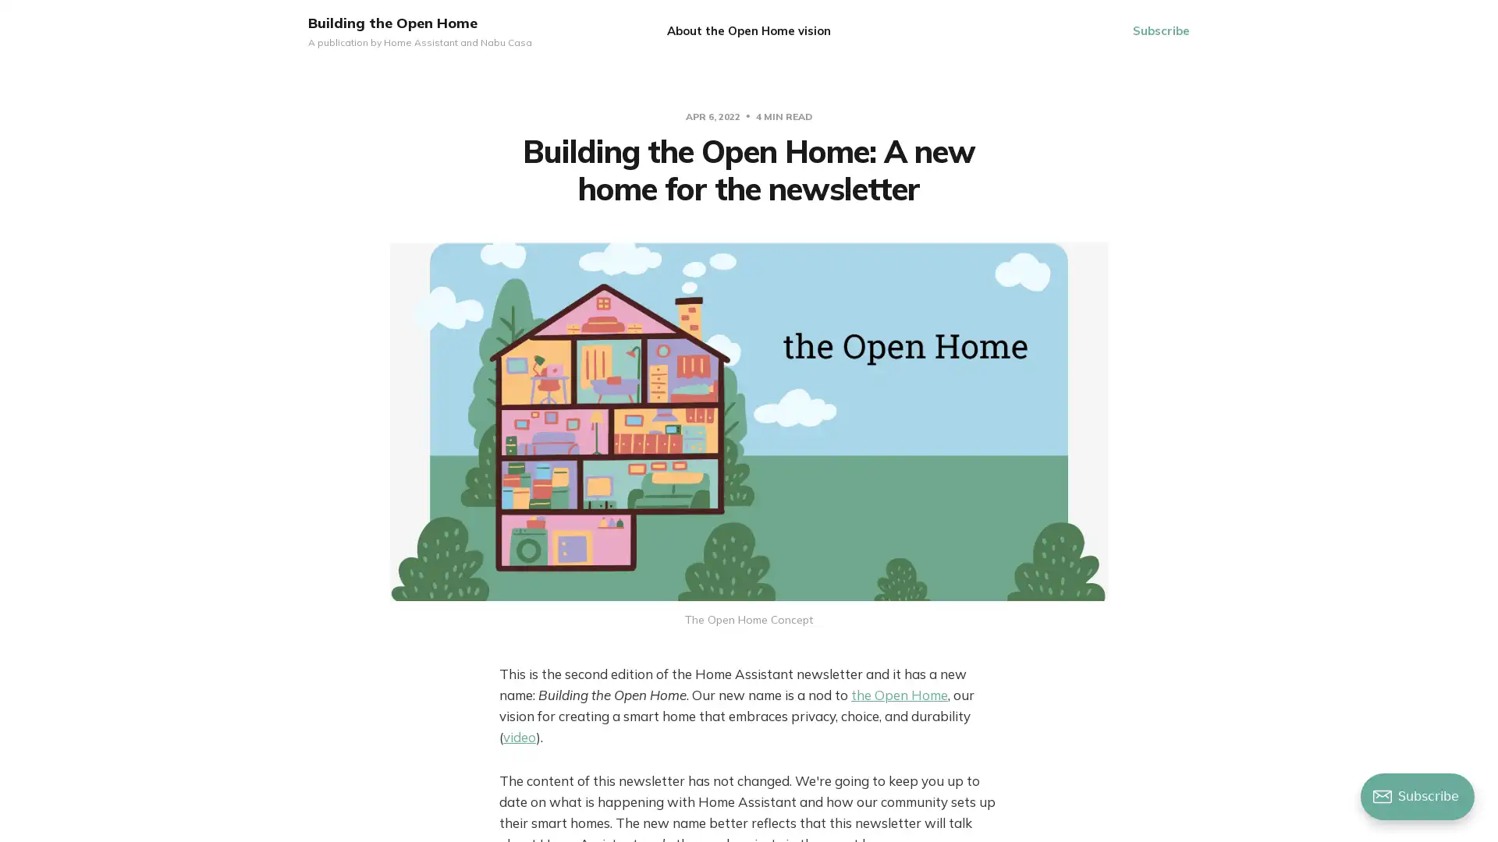 The image size is (1498, 842). I want to click on Subscribe, so click(1161, 30).